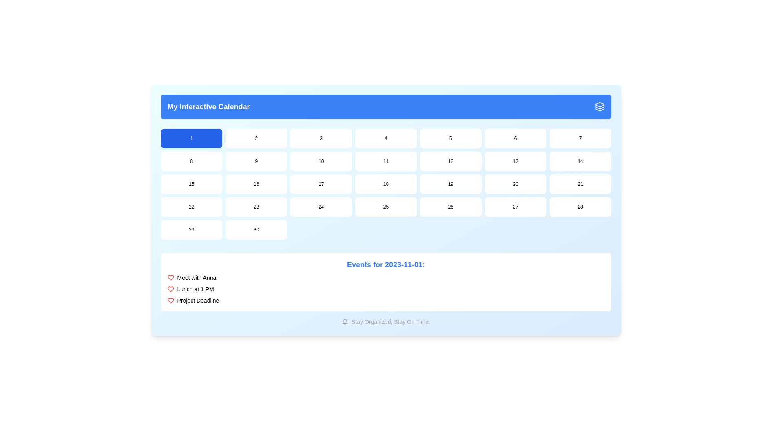  What do you see at coordinates (321, 184) in the screenshot?
I see `the button labeled '17' in the third row, third column of the grid layout` at bounding box center [321, 184].